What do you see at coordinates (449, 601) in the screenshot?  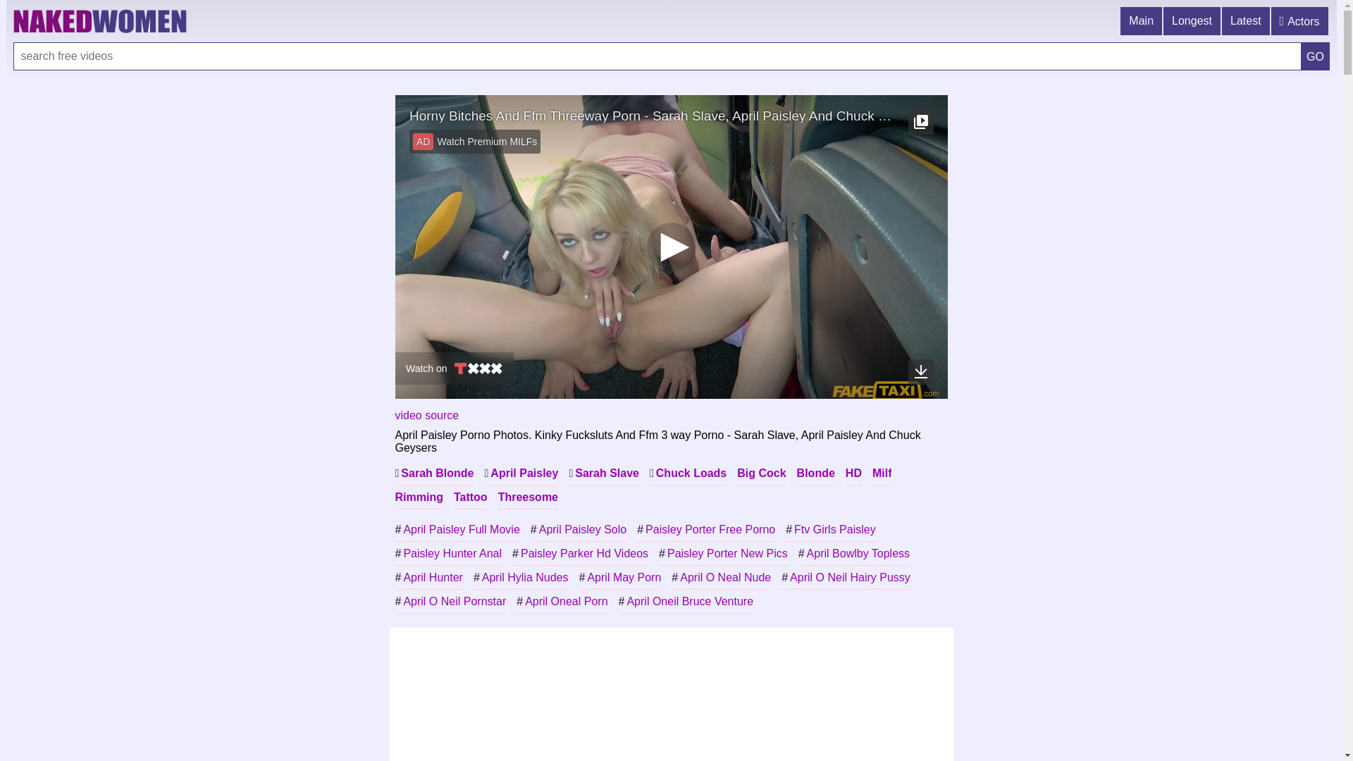 I see `'April O Neil Pornstar'` at bounding box center [449, 601].